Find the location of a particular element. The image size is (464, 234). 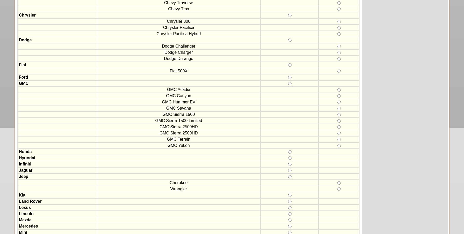

'Chrysler' is located at coordinates (27, 15).